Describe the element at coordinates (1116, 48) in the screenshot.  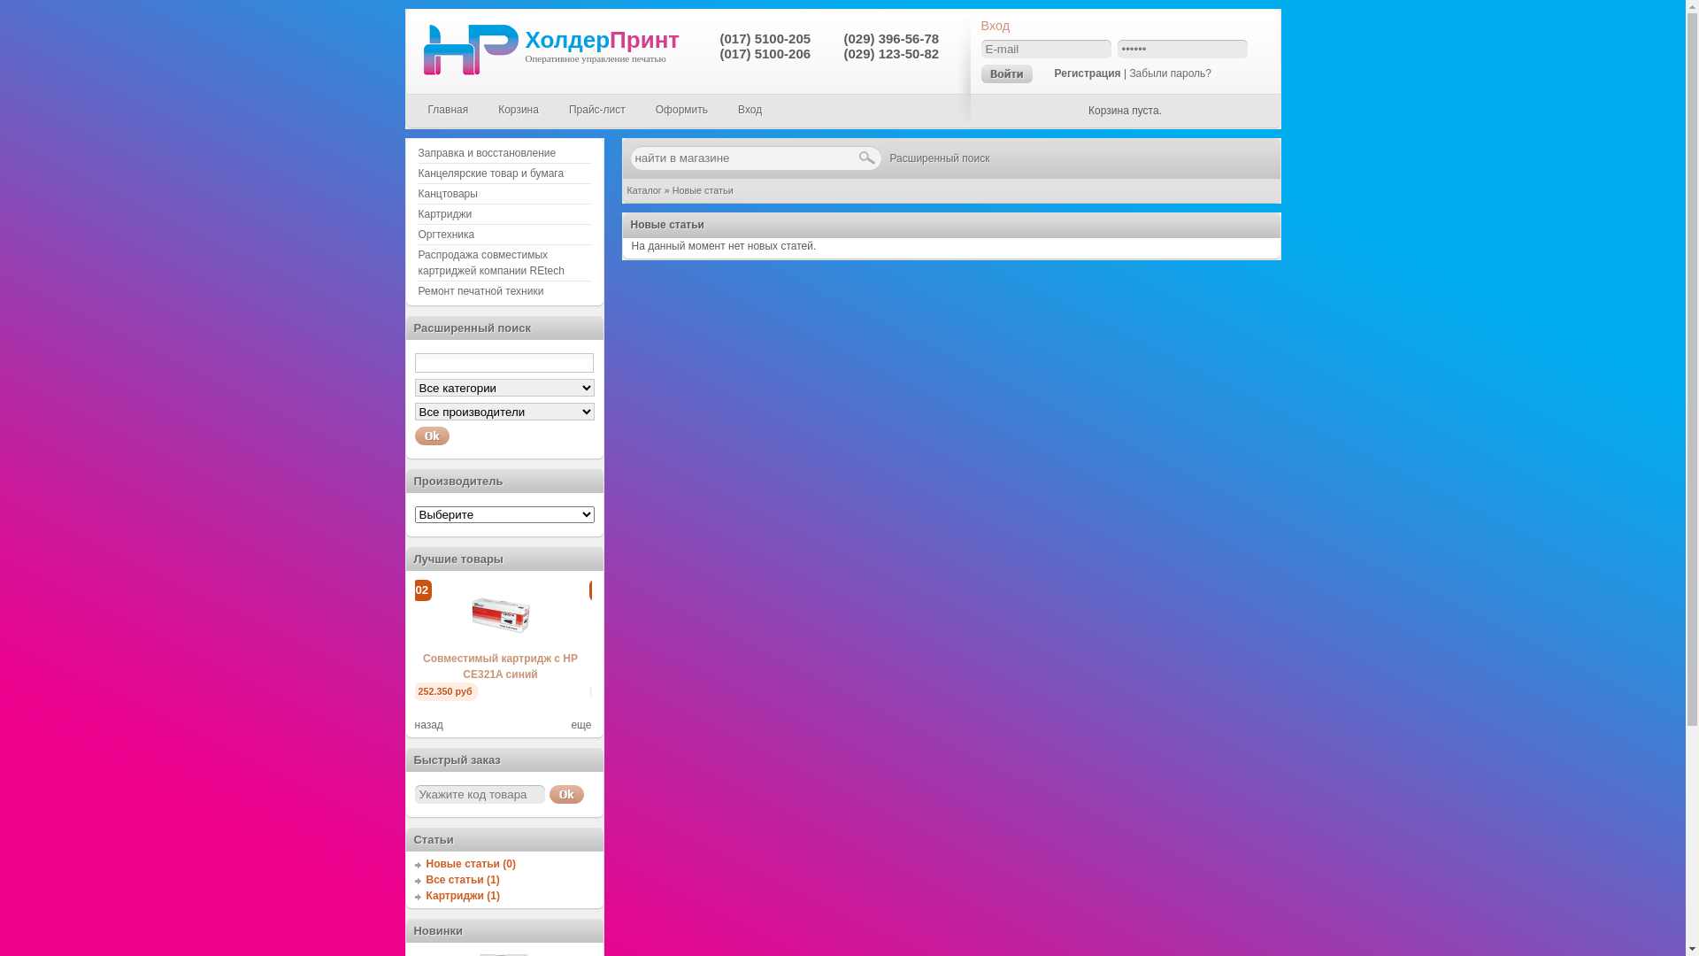
I see `'******'` at that location.